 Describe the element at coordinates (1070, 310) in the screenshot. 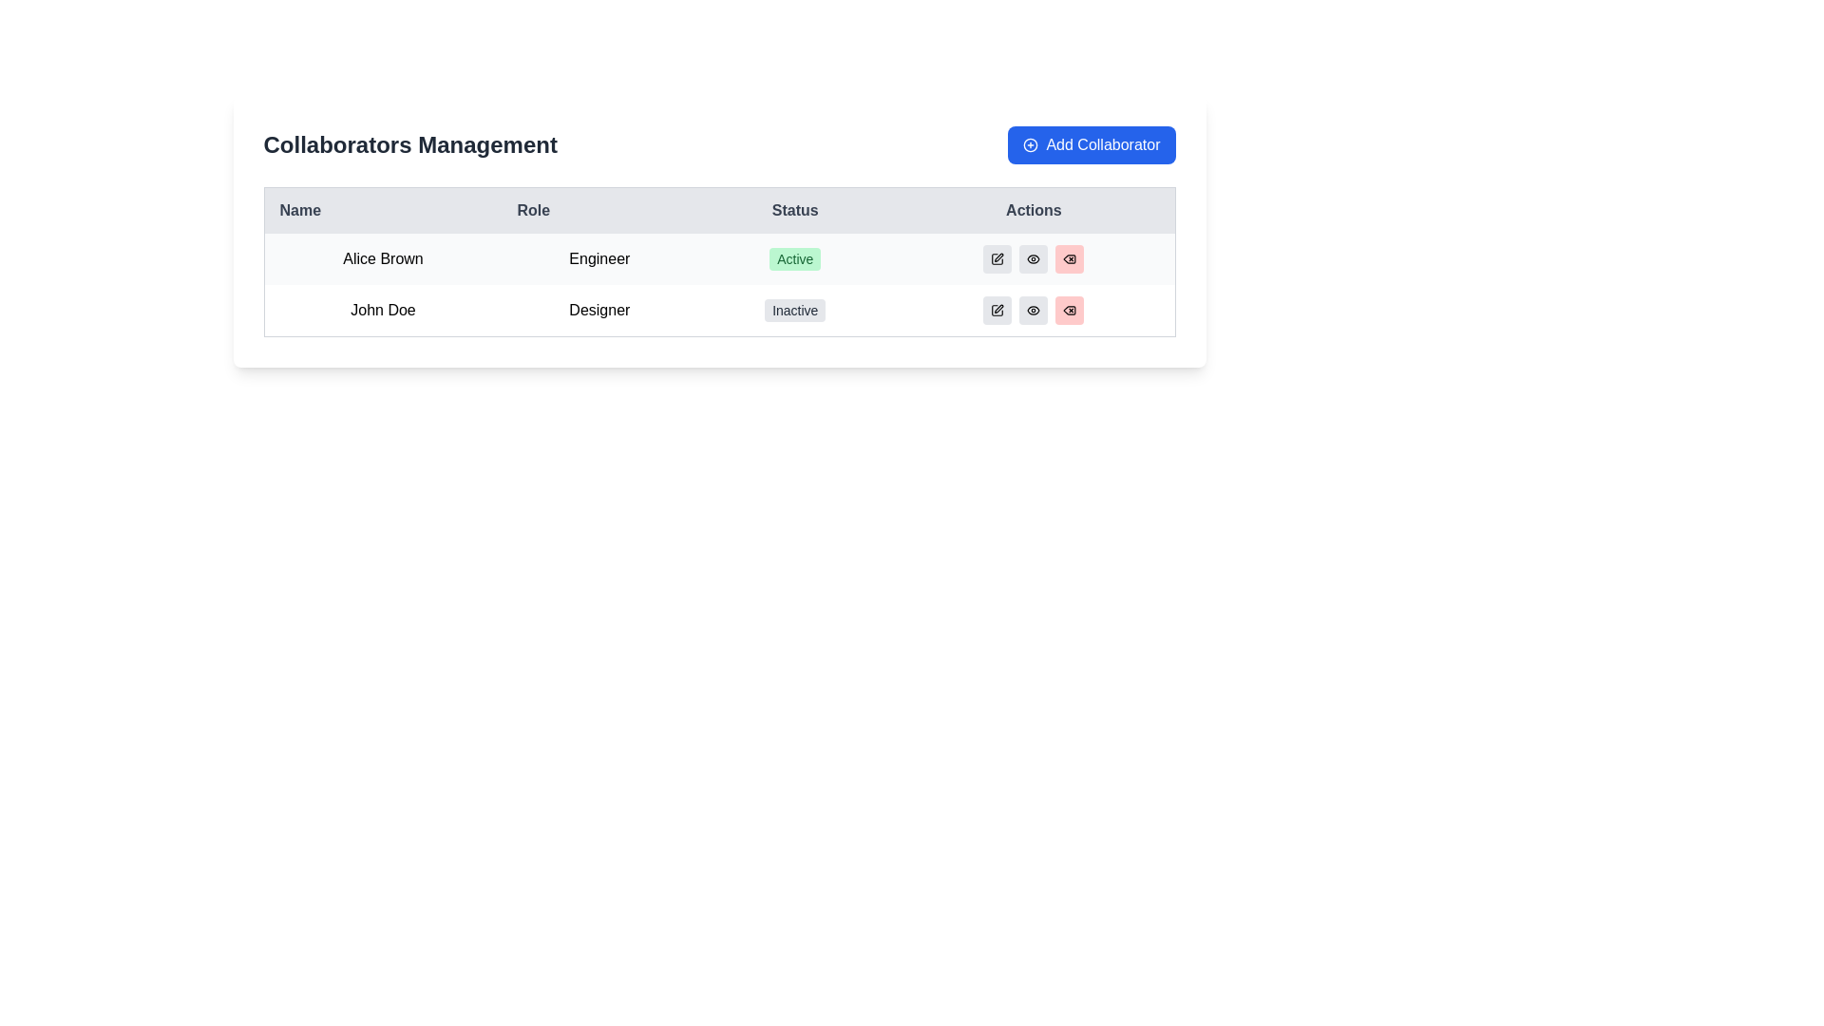

I see `the delete icon button with a red background, located in the third position of the 'Actions' column in the second row of the table` at that location.